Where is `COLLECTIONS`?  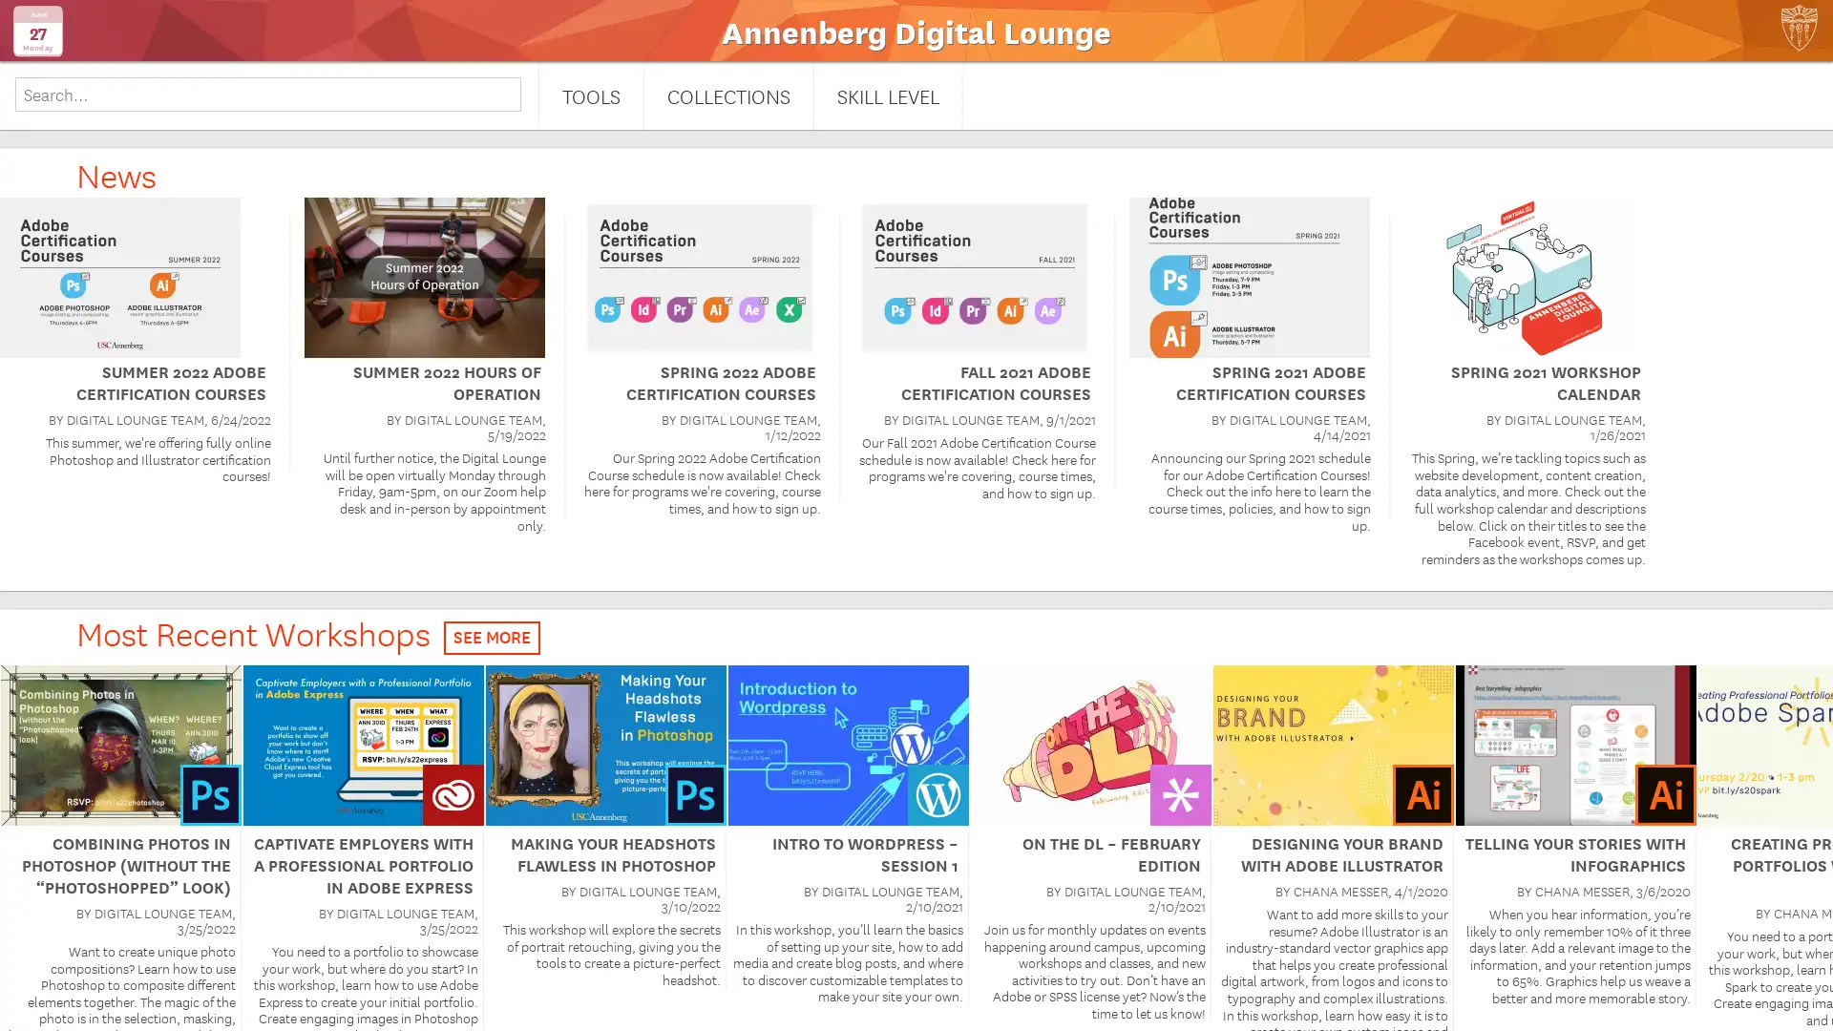 COLLECTIONS is located at coordinates (727, 95).